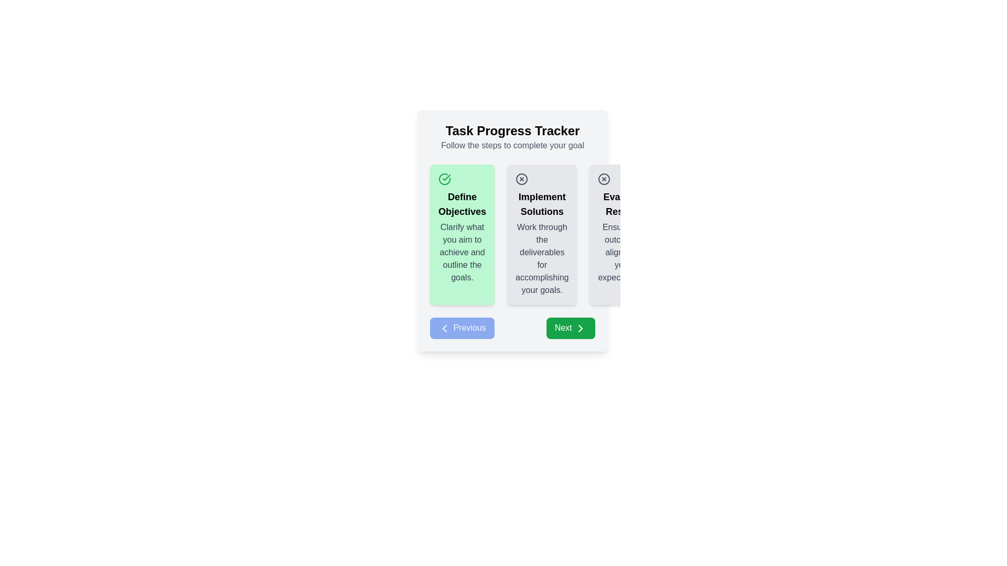 This screenshot has width=1007, height=566. I want to click on the second step card titled 'Implement Solutions' in the task progress tracker to trigger UI effects, so click(542, 234).